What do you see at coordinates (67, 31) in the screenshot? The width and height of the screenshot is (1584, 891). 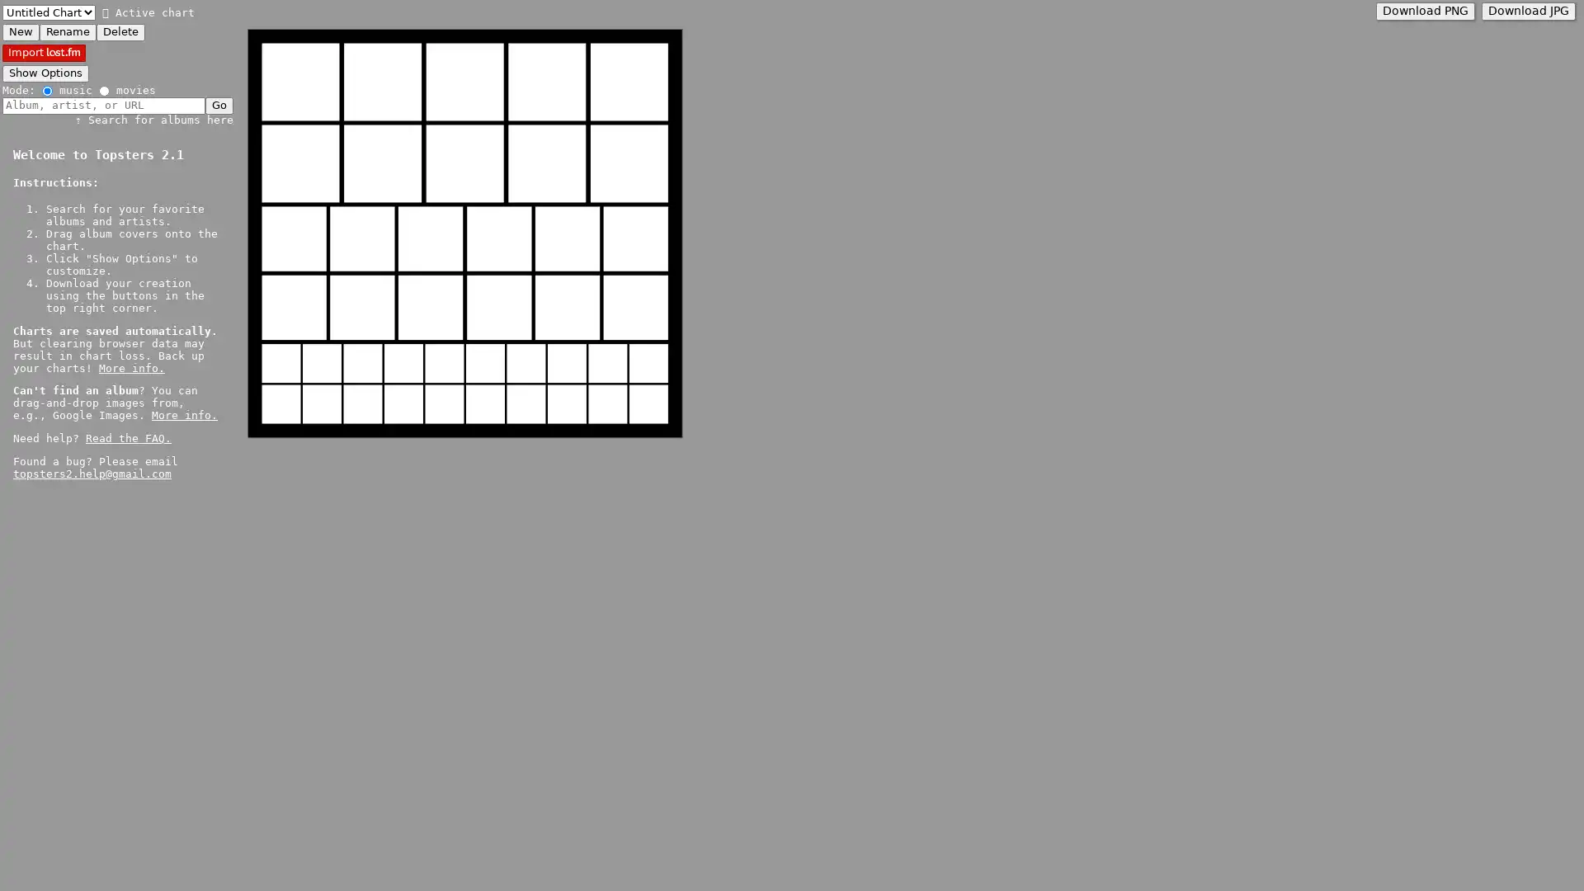 I see `Rename` at bounding box center [67, 31].